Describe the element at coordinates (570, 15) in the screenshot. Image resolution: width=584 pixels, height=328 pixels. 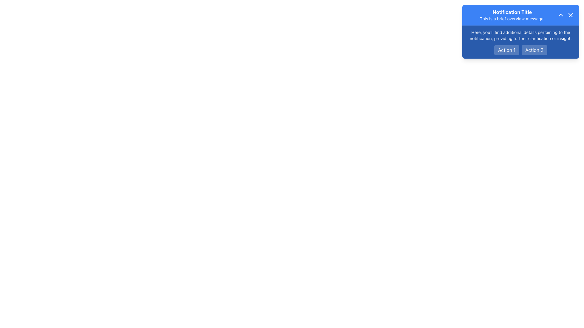
I see `the small 'X' button located in the upper right corner of the notification card` at that location.